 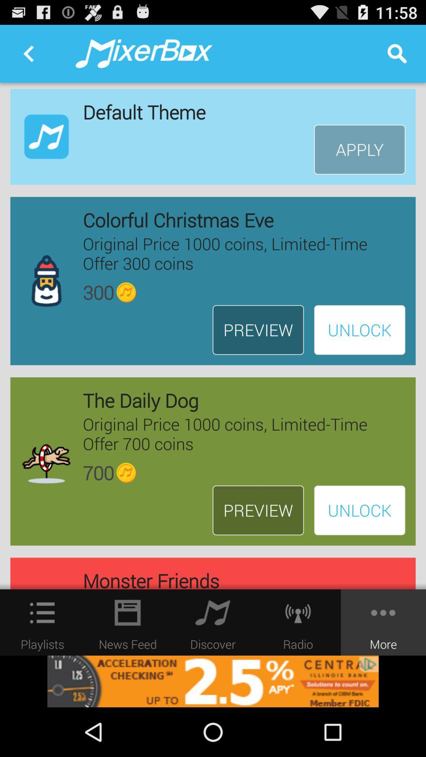 I want to click on advertising, so click(x=213, y=681).